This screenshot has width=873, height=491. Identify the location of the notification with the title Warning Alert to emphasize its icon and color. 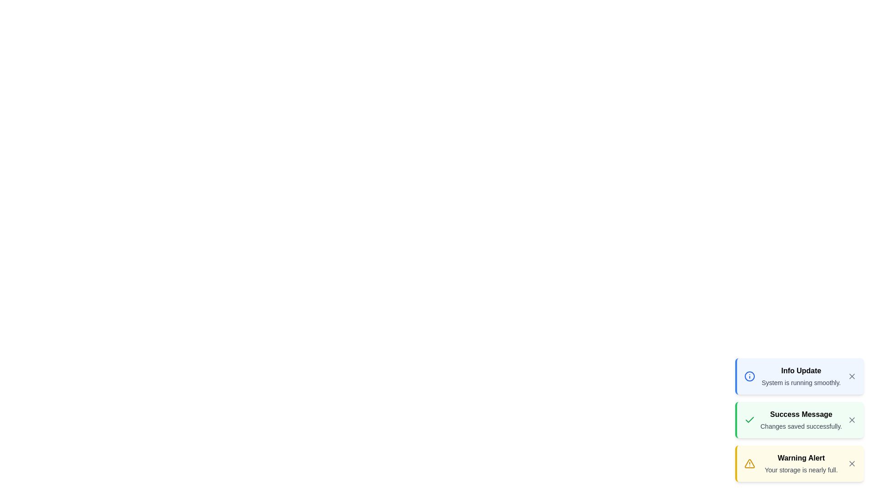
(799, 463).